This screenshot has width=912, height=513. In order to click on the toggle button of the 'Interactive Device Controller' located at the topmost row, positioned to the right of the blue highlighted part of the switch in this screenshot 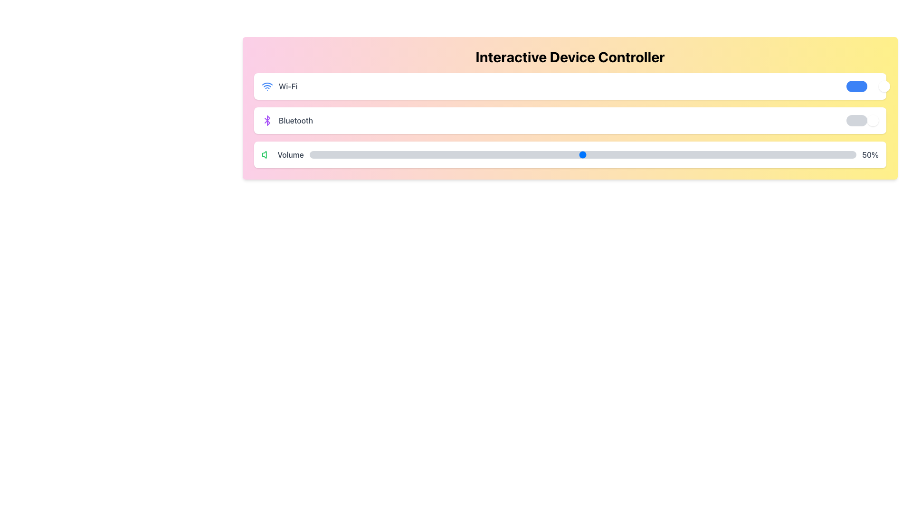, I will do `click(884, 86)`.